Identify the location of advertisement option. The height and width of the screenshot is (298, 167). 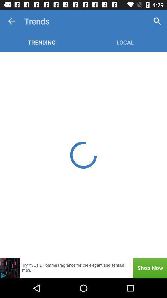
(83, 268).